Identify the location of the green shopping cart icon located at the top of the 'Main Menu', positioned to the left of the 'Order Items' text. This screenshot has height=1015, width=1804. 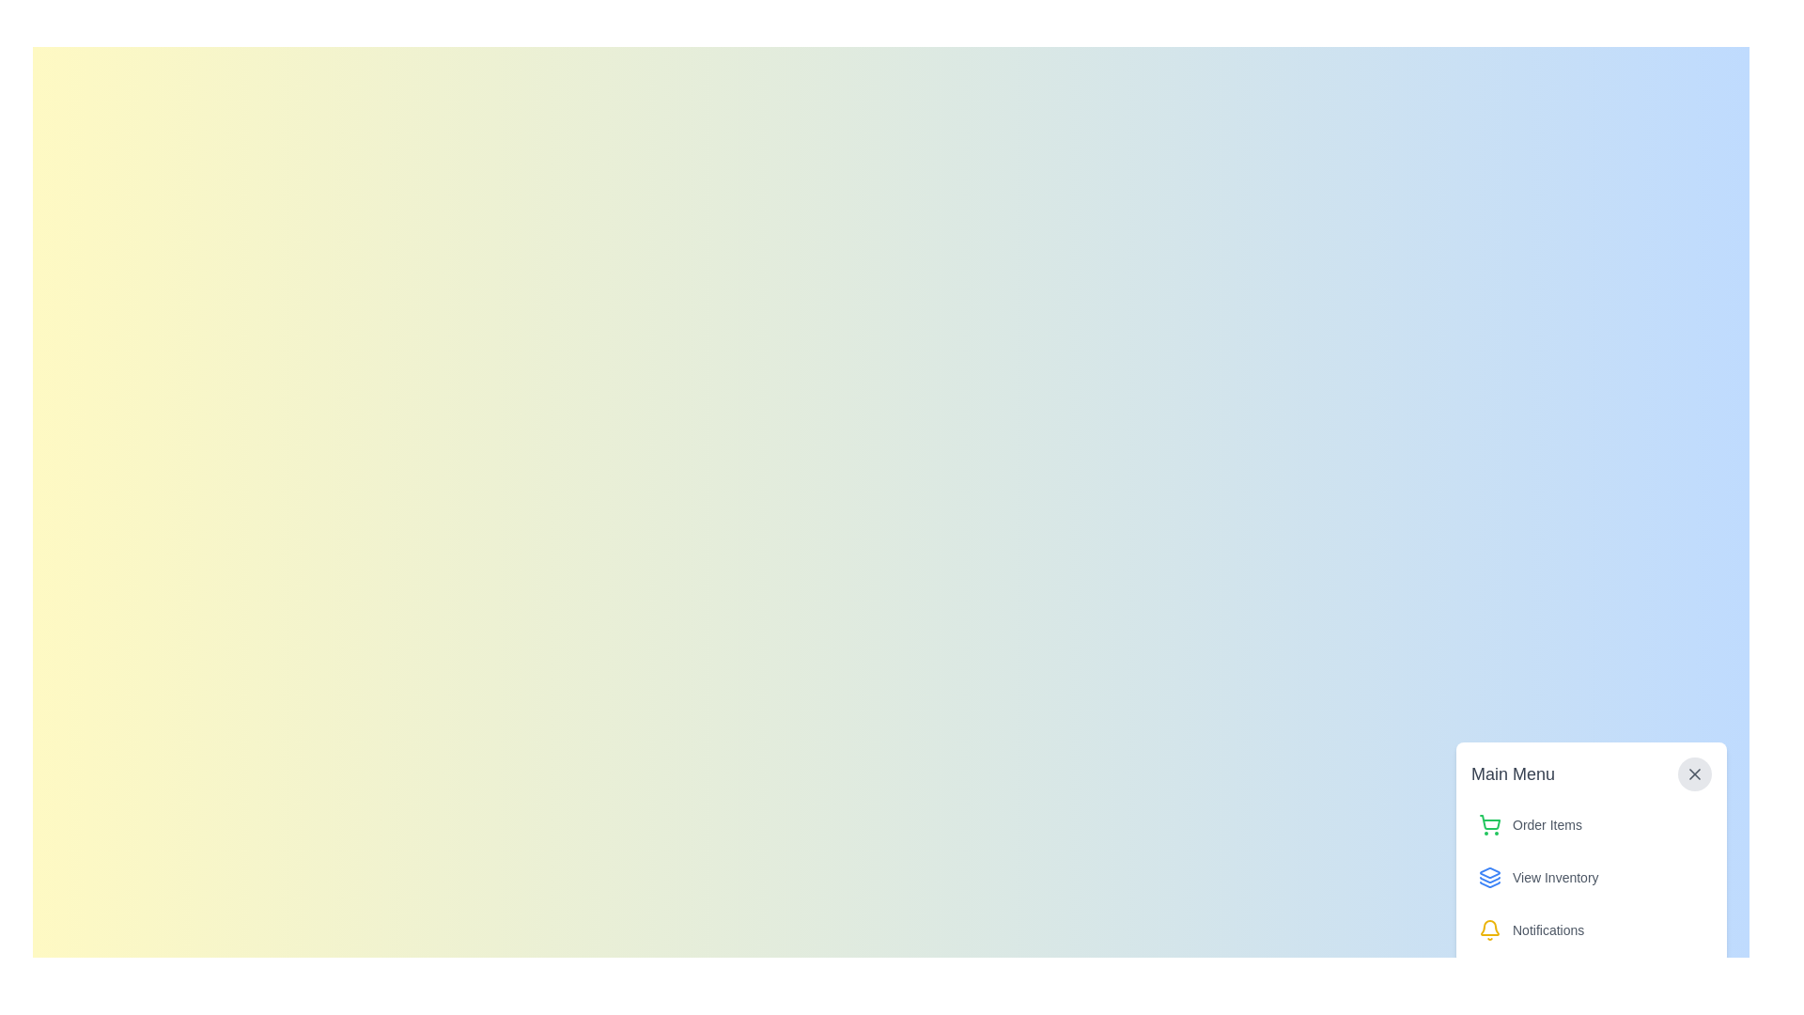
(1488, 824).